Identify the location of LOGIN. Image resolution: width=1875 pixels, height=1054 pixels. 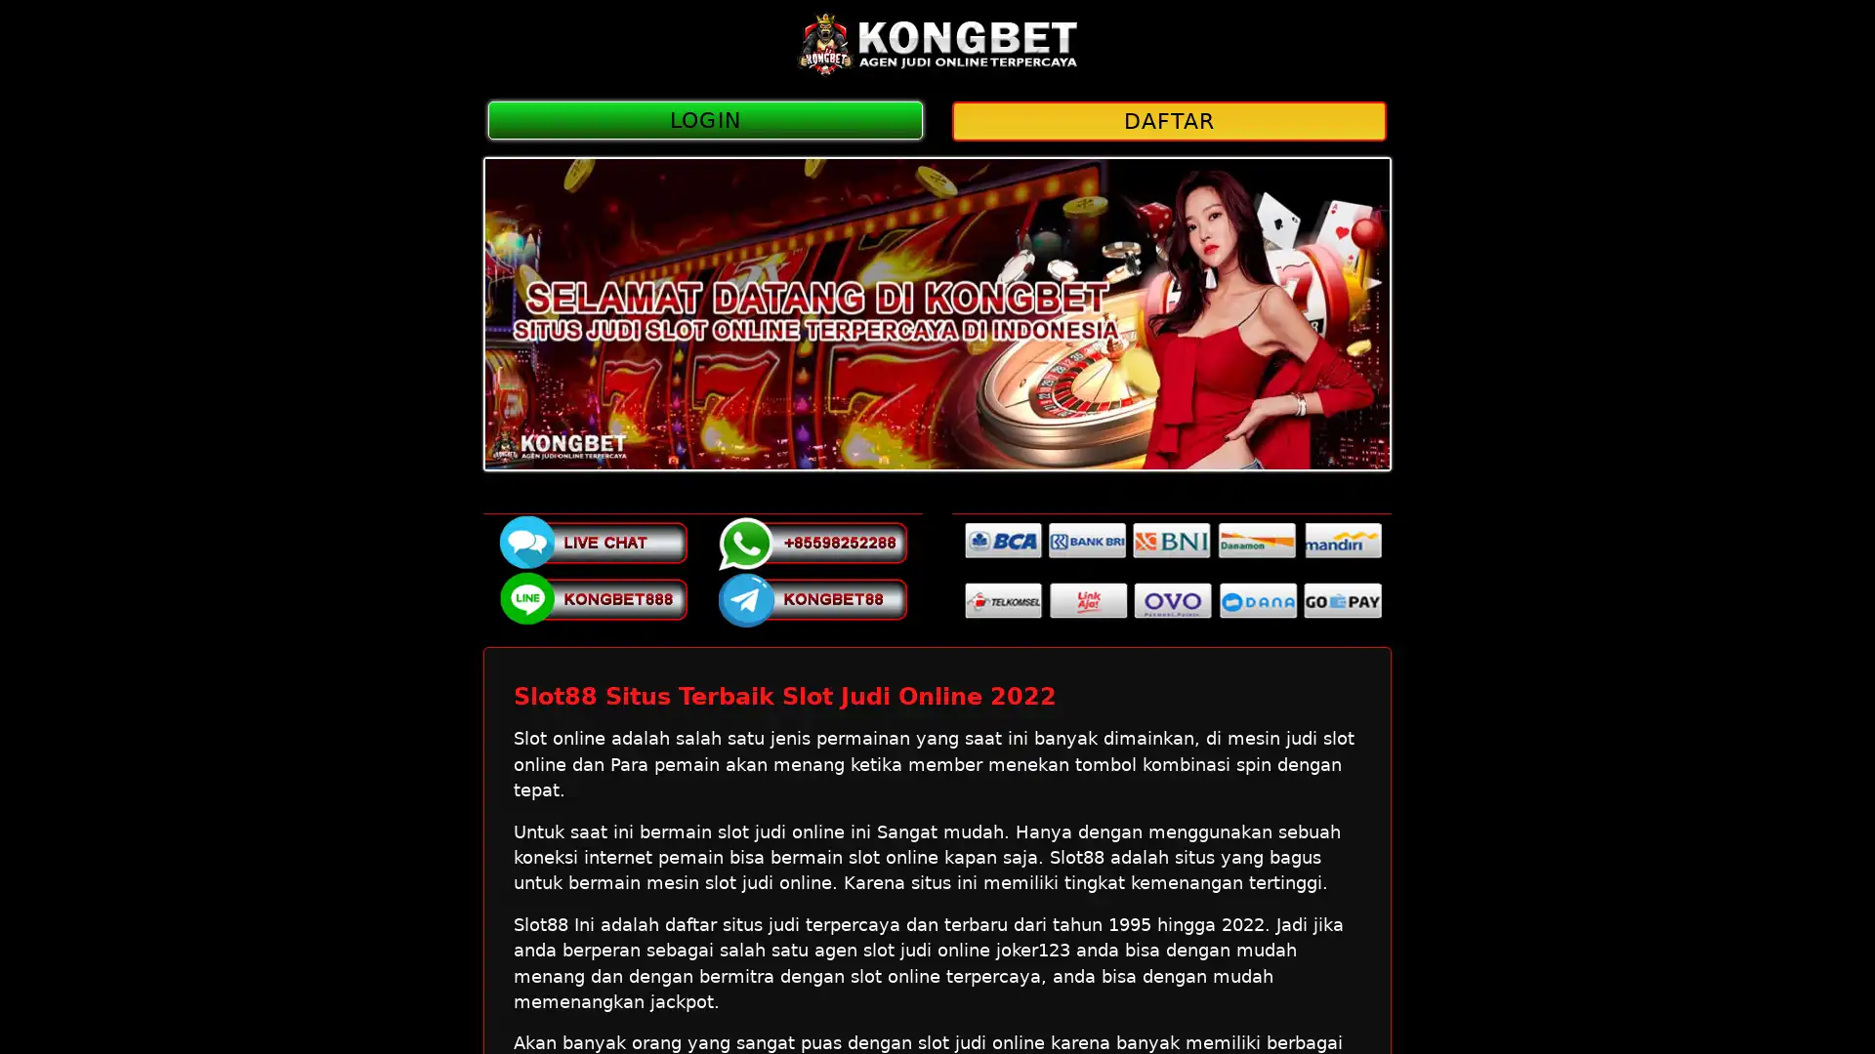
(704, 120).